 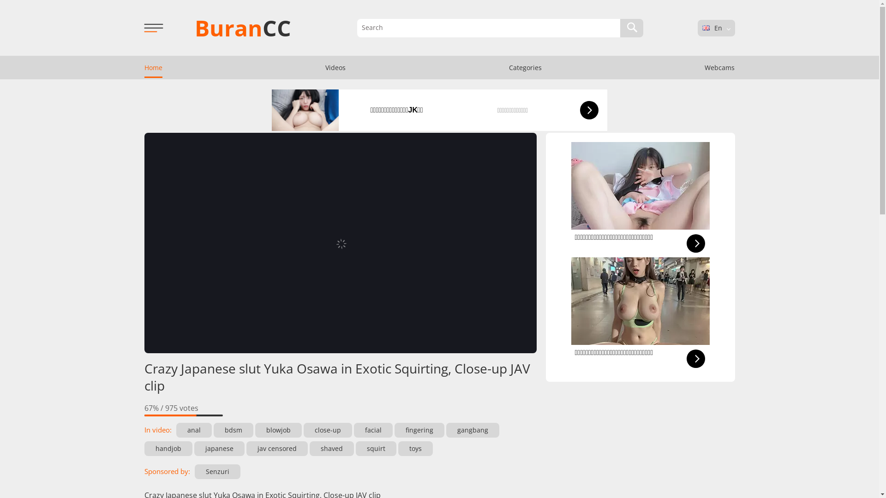 What do you see at coordinates (719, 67) in the screenshot?
I see `'Webcams'` at bounding box center [719, 67].